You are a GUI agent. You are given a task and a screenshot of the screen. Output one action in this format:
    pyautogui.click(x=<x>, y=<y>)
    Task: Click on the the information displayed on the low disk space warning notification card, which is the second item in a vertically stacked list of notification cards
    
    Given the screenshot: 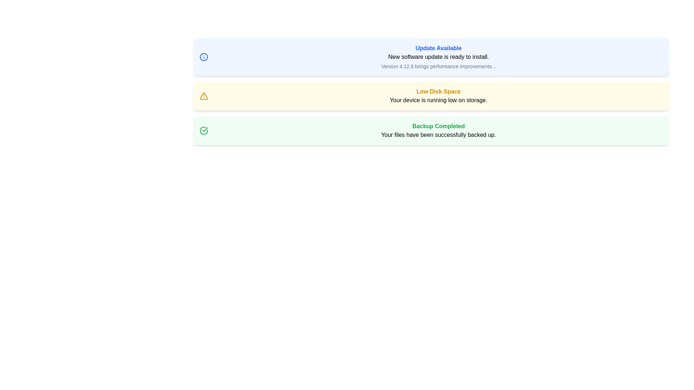 What is the action you would take?
    pyautogui.click(x=431, y=96)
    